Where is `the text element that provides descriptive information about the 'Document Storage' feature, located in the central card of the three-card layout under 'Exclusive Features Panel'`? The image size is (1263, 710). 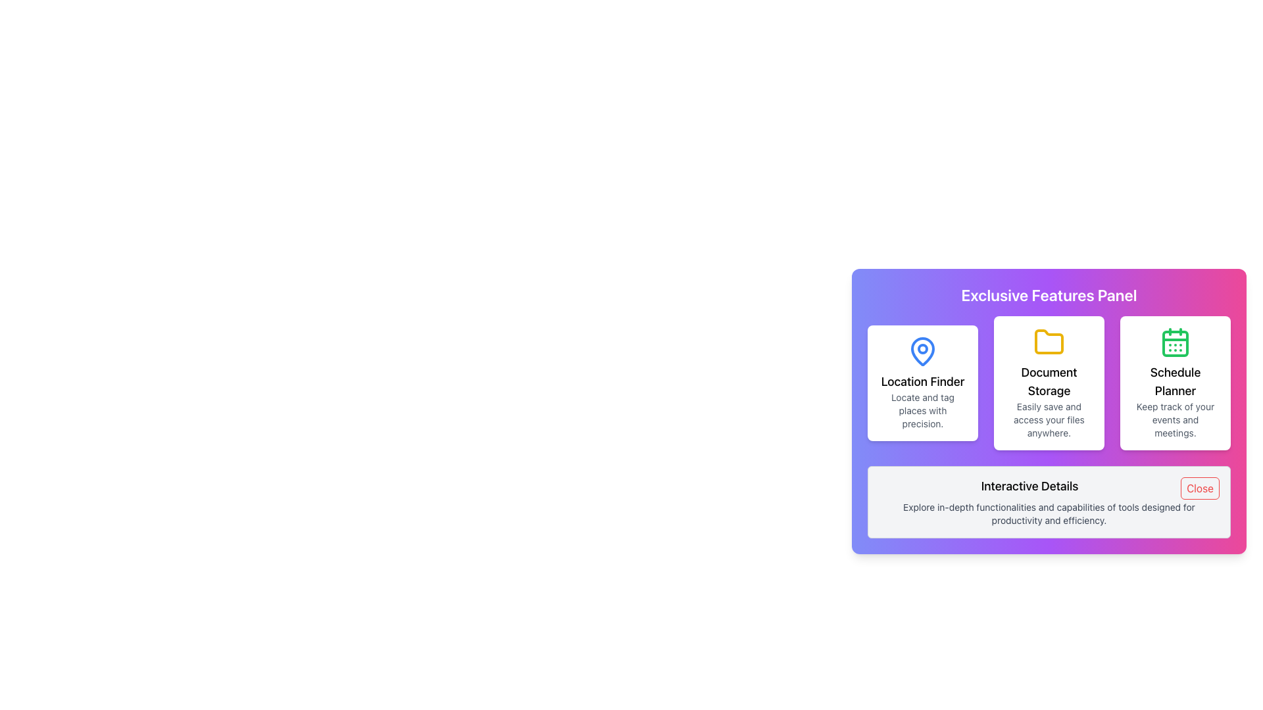 the text element that provides descriptive information about the 'Document Storage' feature, located in the central card of the three-card layout under 'Exclusive Features Panel' is located at coordinates (1048, 420).